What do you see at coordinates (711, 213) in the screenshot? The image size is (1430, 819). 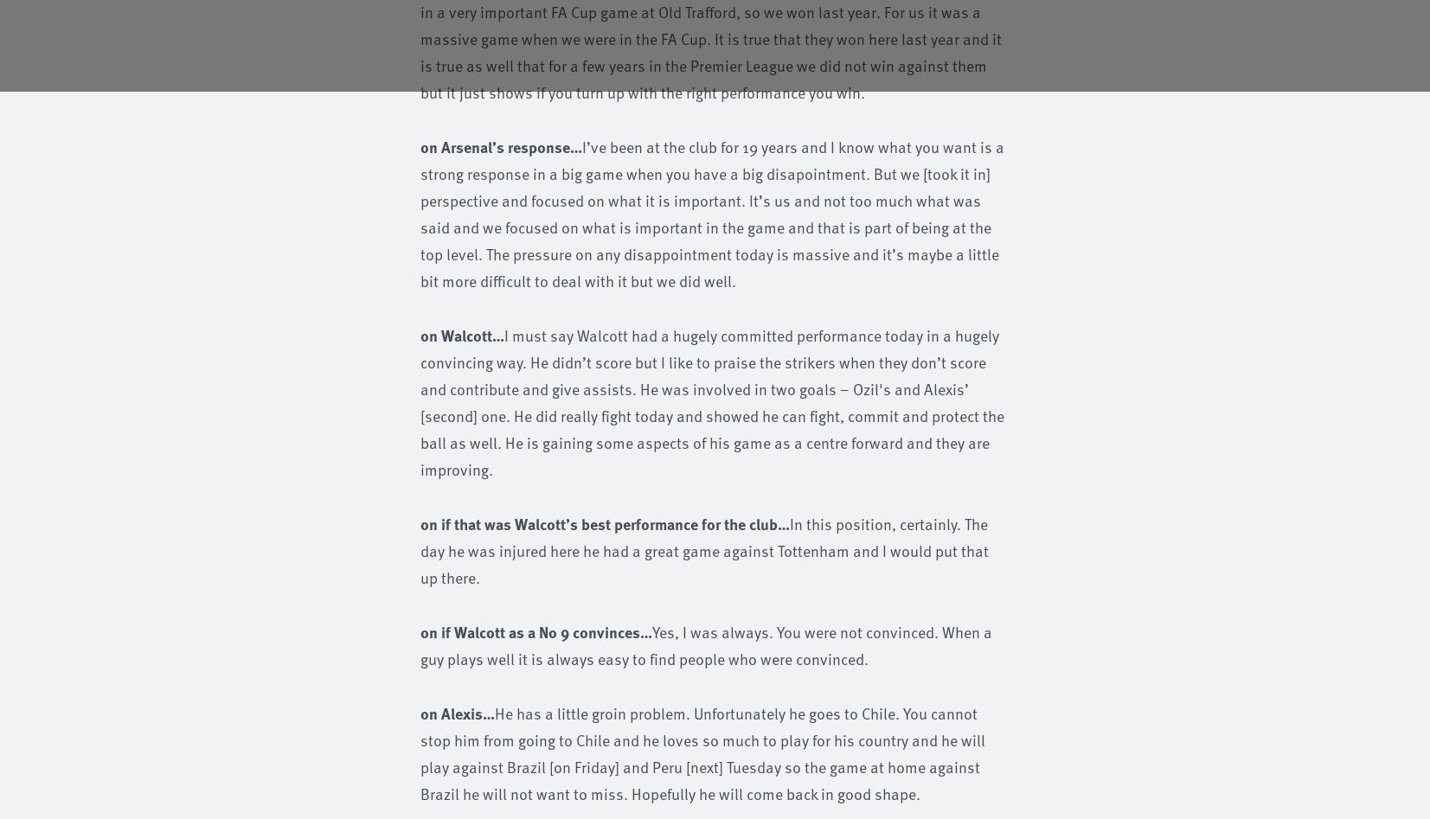 I see `'I’ve been at the club for 19 years and I know what you want is a strong response in a big game when you have a big disapointment. But we [took it in] perspective and focused on what it is important. It’s us and not too much what was said and we focused on what is important in the game and that is part of being at the top level. The pressure on any disappointment today is massive and it’s maybe a little bit more difficult to deal with it but we did well.'` at bounding box center [711, 213].